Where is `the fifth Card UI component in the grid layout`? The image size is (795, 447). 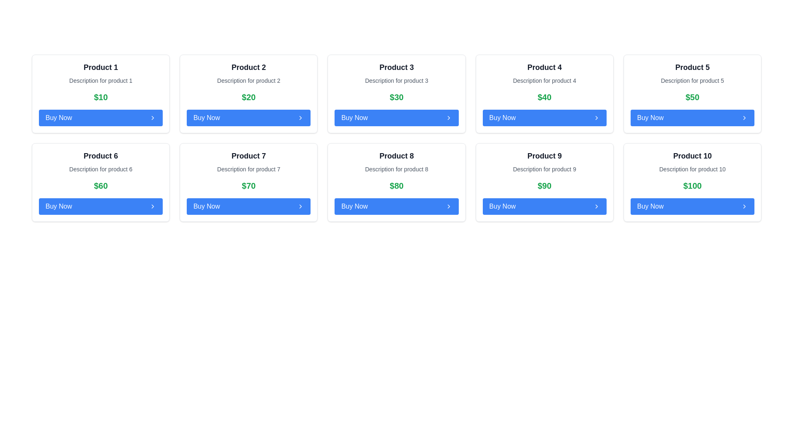 the fifth Card UI component in the grid layout is located at coordinates (692, 94).